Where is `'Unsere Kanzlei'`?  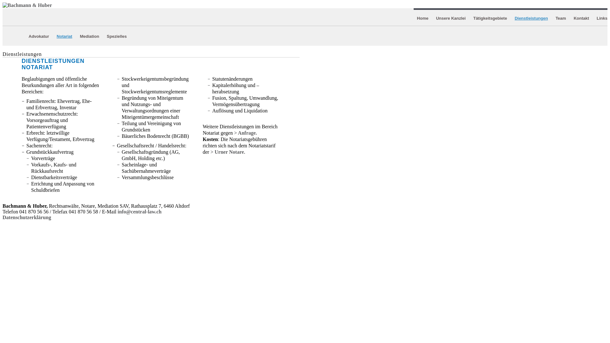 'Unsere Kanzlei' is located at coordinates (450, 18).